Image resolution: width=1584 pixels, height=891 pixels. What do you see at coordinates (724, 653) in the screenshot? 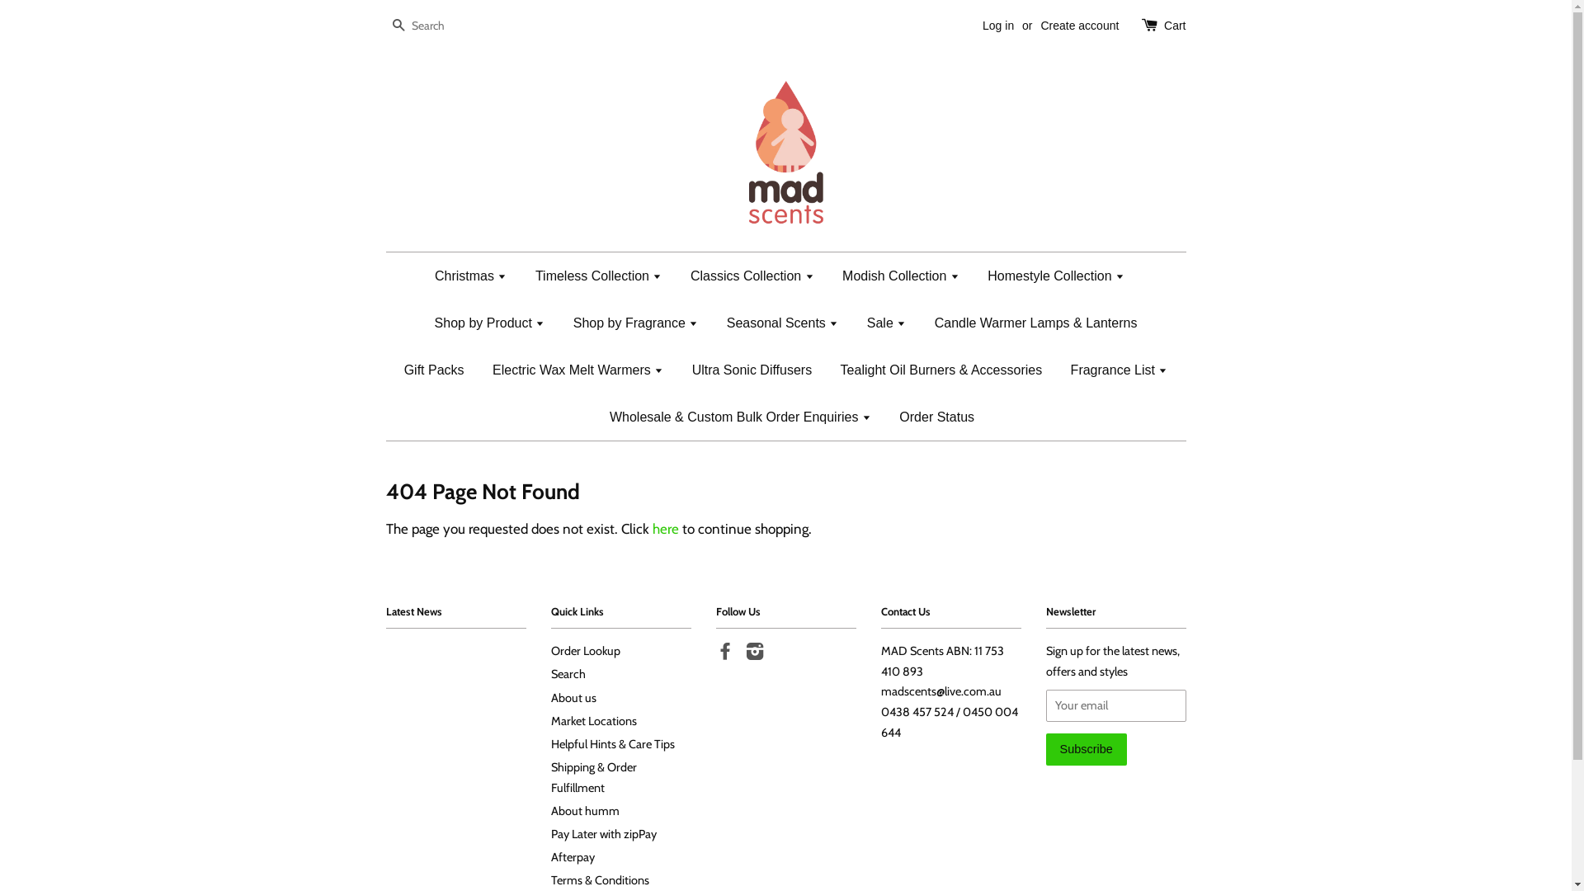
I see `'Facebook'` at bounding box center [724, 653].